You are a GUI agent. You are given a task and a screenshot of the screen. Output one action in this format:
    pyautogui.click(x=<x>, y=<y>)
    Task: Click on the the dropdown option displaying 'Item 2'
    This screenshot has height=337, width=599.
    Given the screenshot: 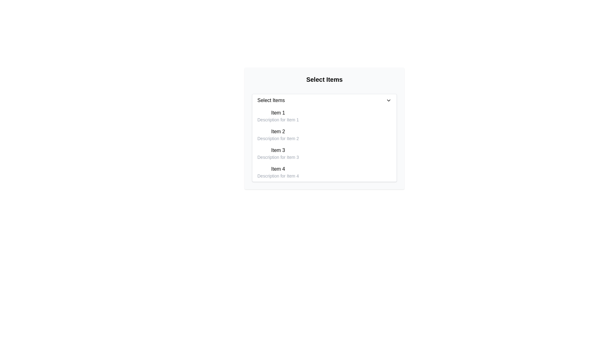 What is the action you would take?
    pyautogui.click(x=324, y=134)
    